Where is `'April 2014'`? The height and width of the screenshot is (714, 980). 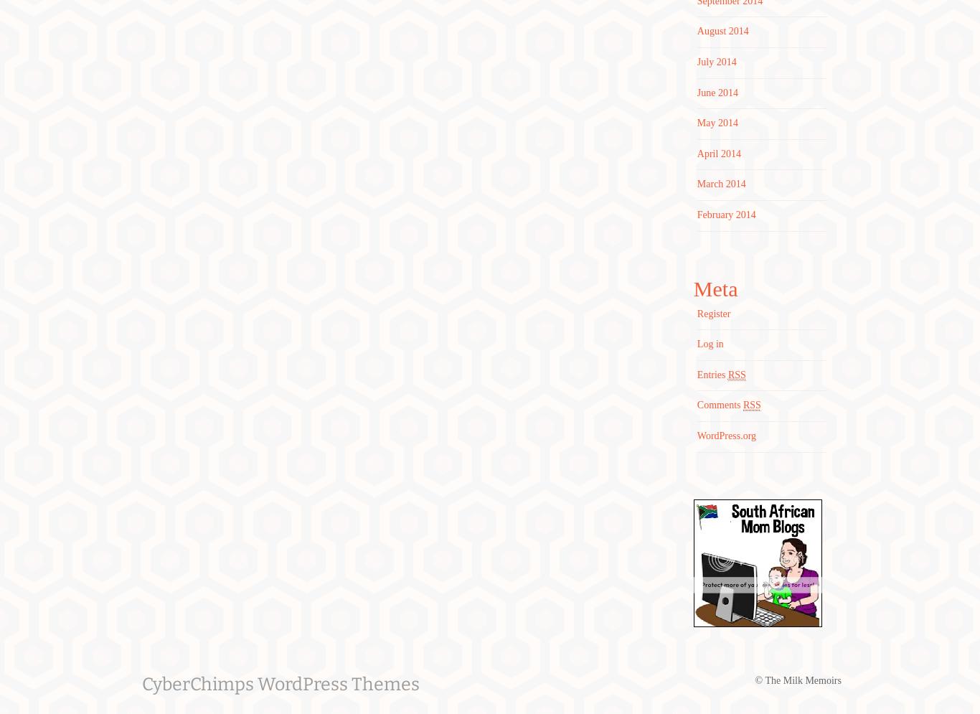 'April 2014' is located at coordinates (696, 152).